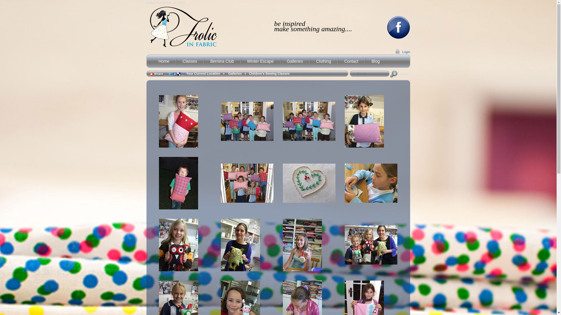 The width and height of the screenshot is (561, 315). What do you see at coordinates (399, 73) in the screenshot?
I see `'Search'` at bounding box center [399, 73].